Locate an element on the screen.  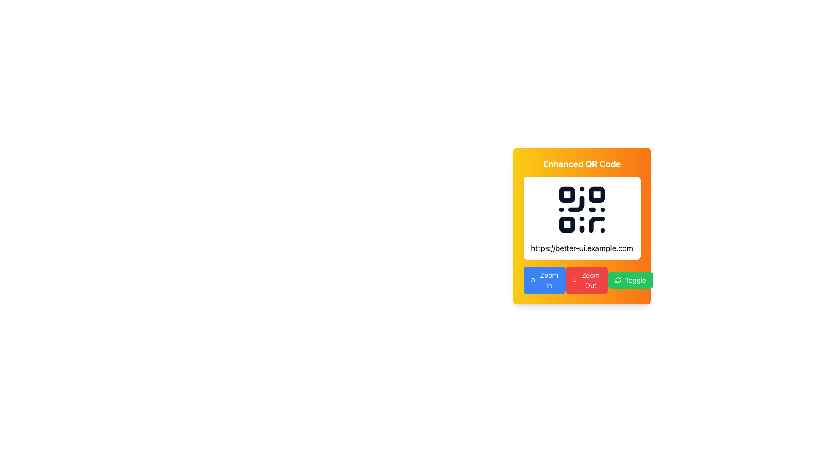
the green 'Toggle' button with rounded corners that features a refresh icon on the left is located at coordinates (630, 280).